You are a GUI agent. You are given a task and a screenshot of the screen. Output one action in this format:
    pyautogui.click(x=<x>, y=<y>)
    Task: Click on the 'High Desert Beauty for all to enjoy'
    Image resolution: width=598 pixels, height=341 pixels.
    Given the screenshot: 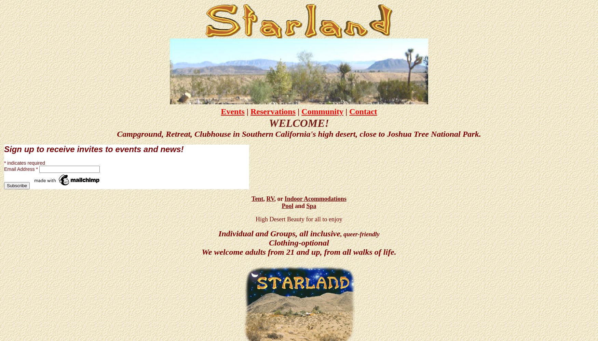 What is the action you would take?
    pyautogui.click(x=299, y=219)
    